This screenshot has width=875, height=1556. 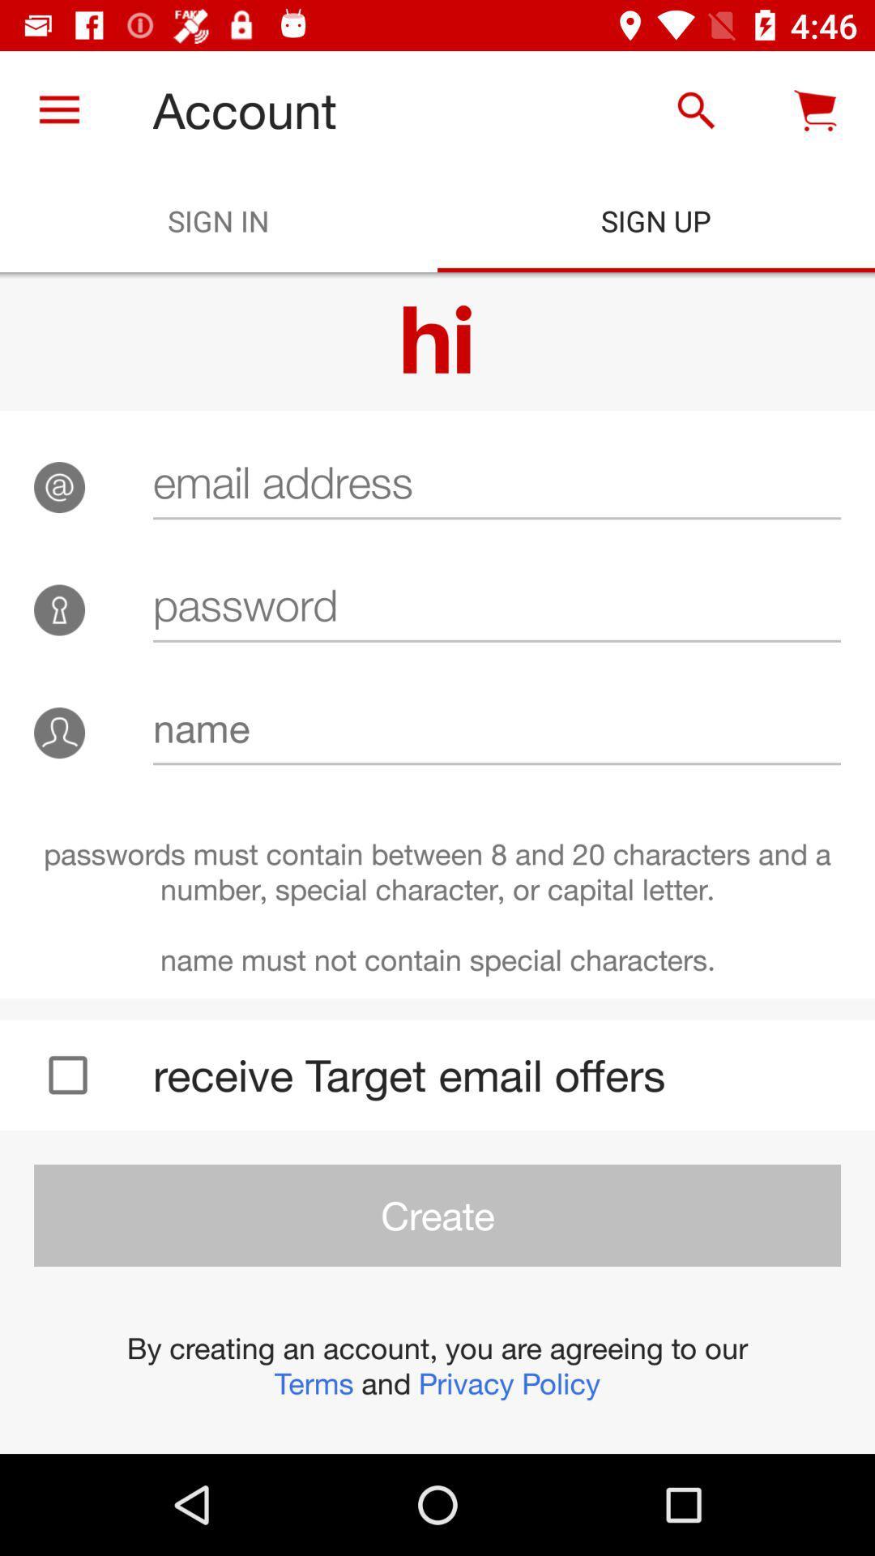 I want to click on item above the by creating an icon, so click(x=437, y=1215).